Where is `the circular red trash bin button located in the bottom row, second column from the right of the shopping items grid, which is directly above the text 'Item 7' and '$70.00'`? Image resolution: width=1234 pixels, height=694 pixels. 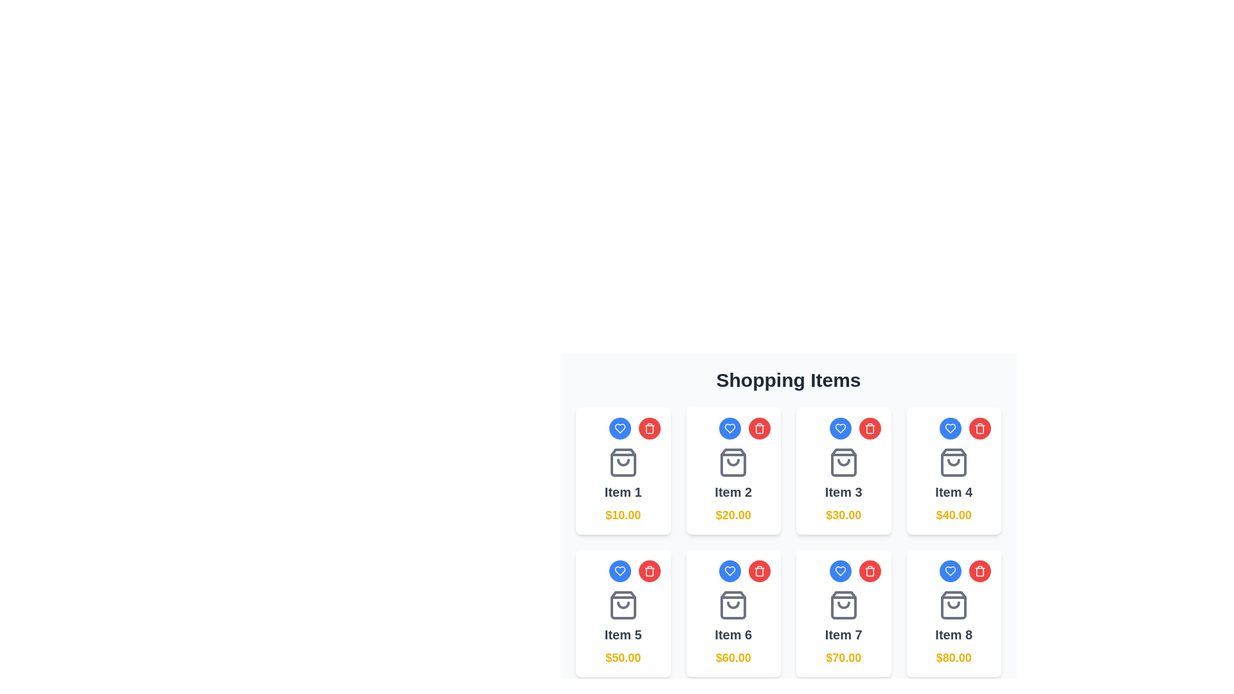 the circular red trash bin button located in the bottom row, second column from the right of the shopping items grid, which is directly above the text 'Item 7' and '$70.00' is located at coordinates (870, 570).